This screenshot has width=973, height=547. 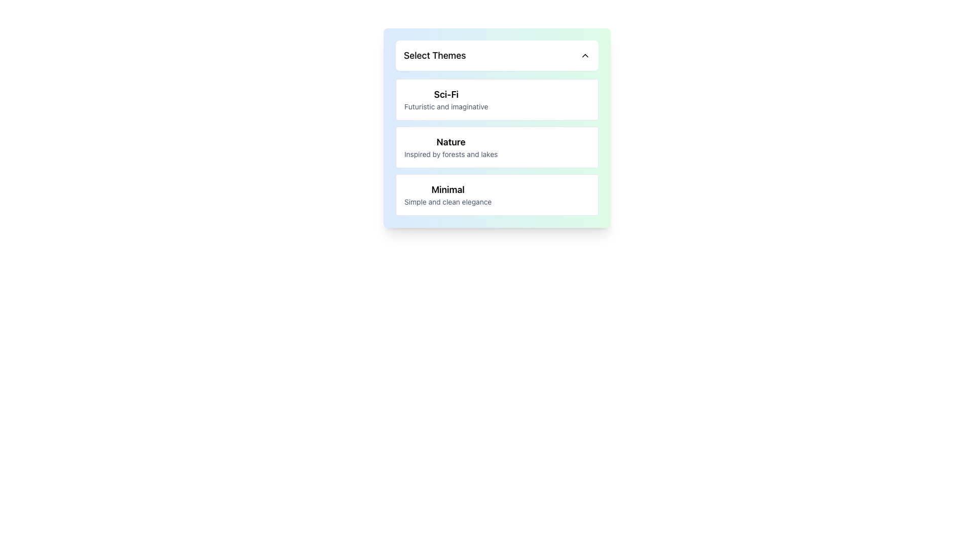 What do you see at coordinates (447, 189) in the screenshot?
I see `the title text for the 'Minimal' theme option located in the third position of the theme selection list` at bounding box center [447, 189].